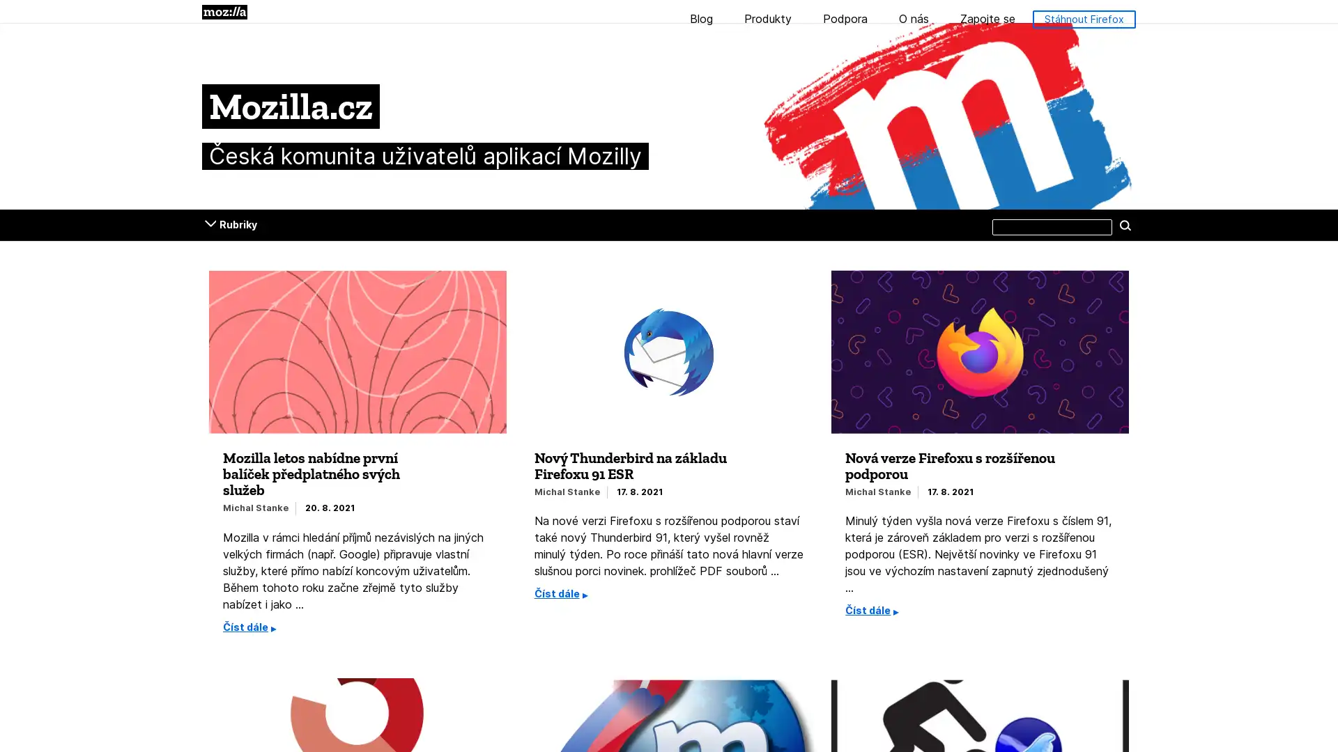  I want to click on Hledat, so click(1125, 224).